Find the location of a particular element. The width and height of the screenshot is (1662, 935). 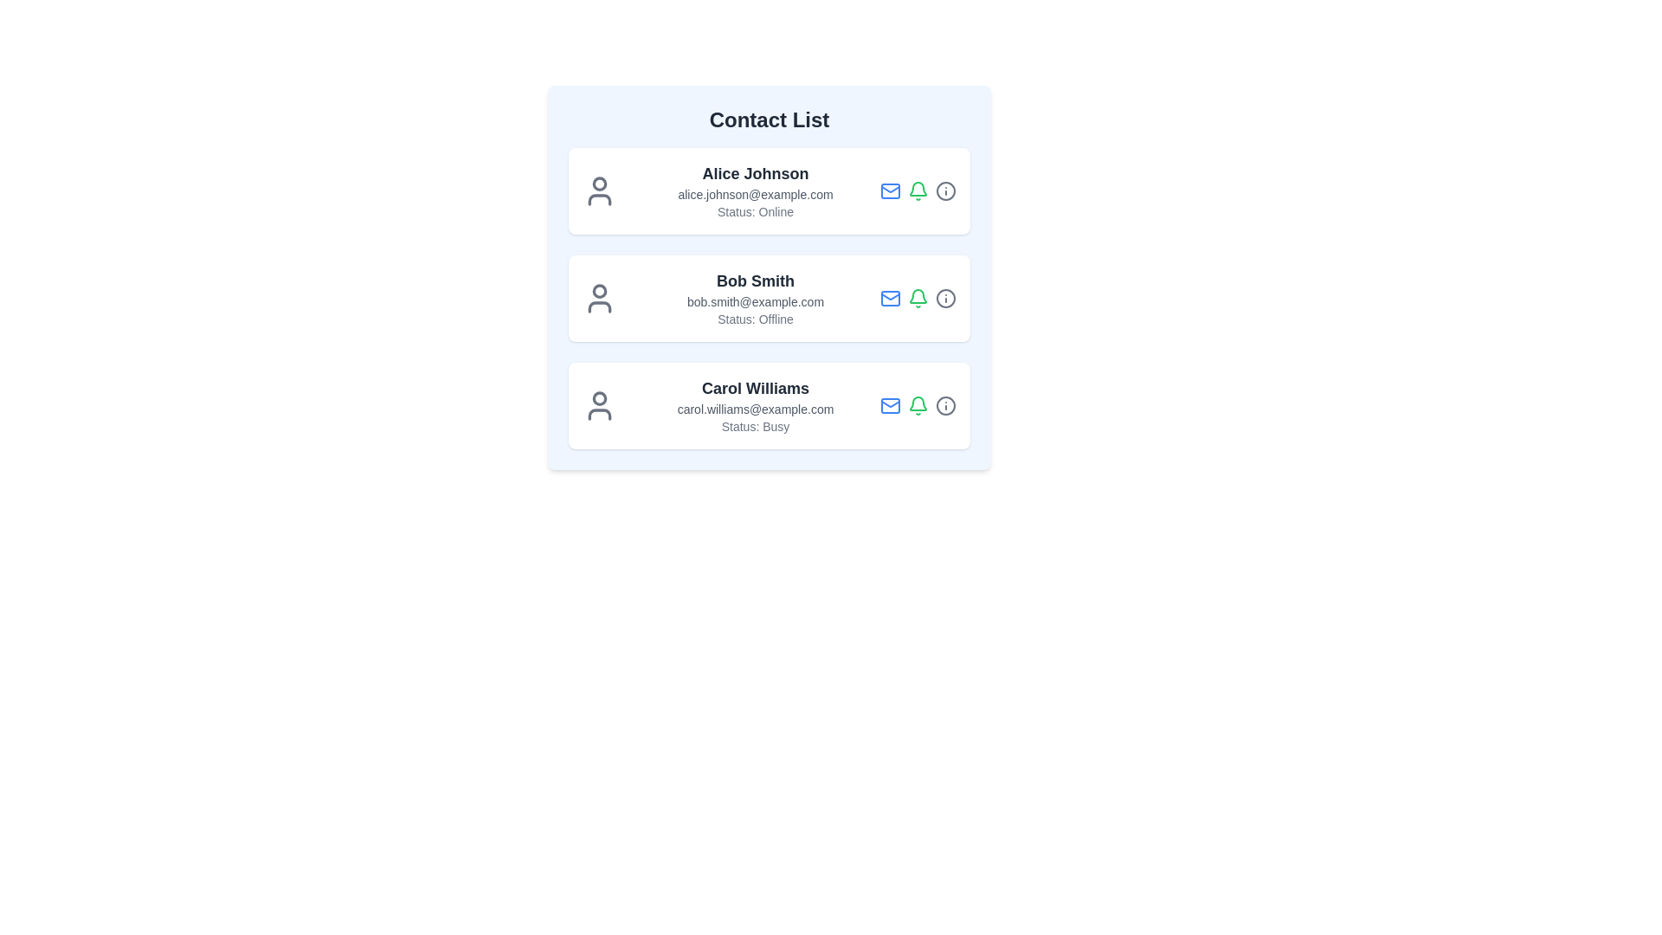

the contact details of Bob Smith is located at coordinates (768, 297).